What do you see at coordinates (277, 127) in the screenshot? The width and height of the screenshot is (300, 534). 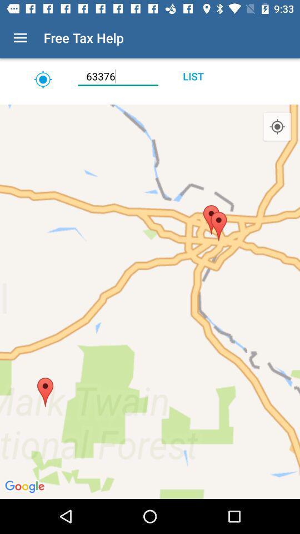 I see `the location_crosshair icon` at bounding box center [277, 127].